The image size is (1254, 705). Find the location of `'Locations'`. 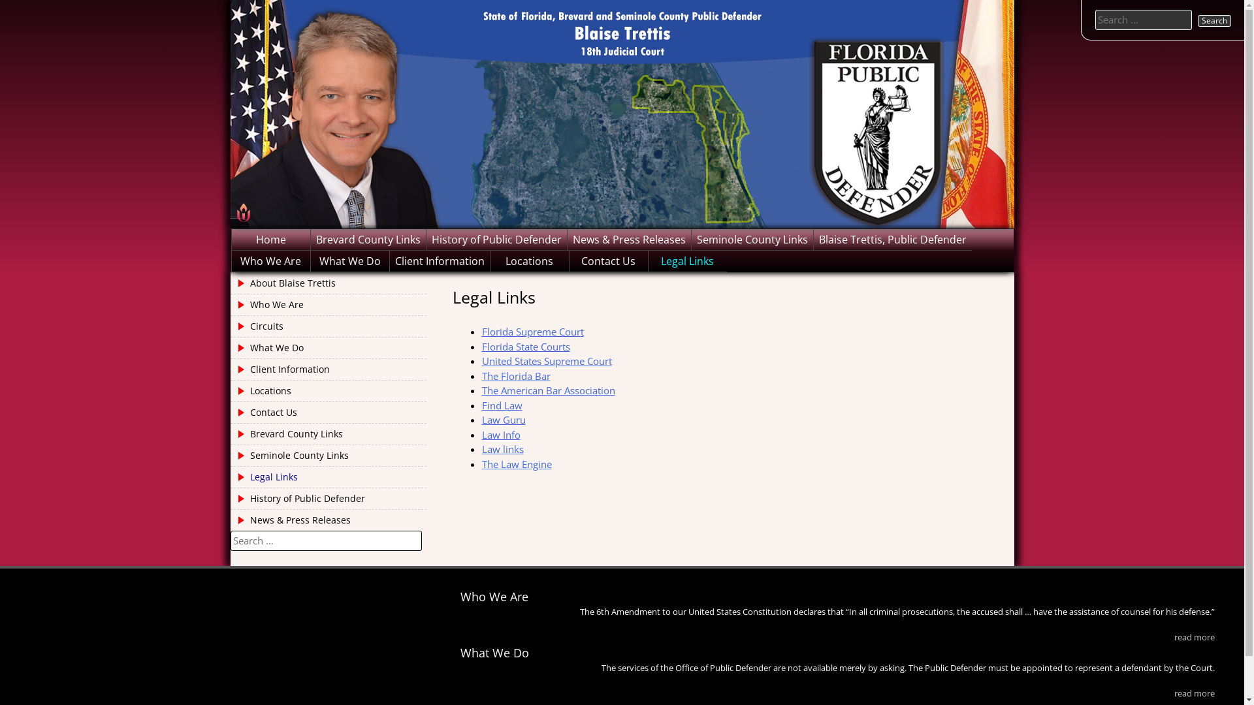

'Locations' is located at coordinates (328, 390).